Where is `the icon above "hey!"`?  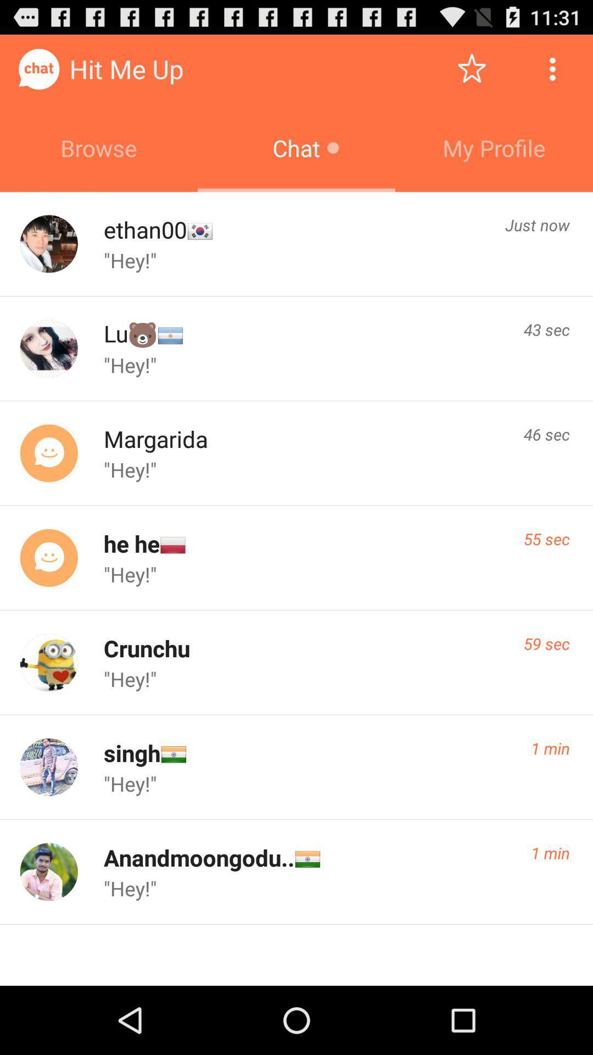 the icon above "hey!" is located at coordinates (144, 229).